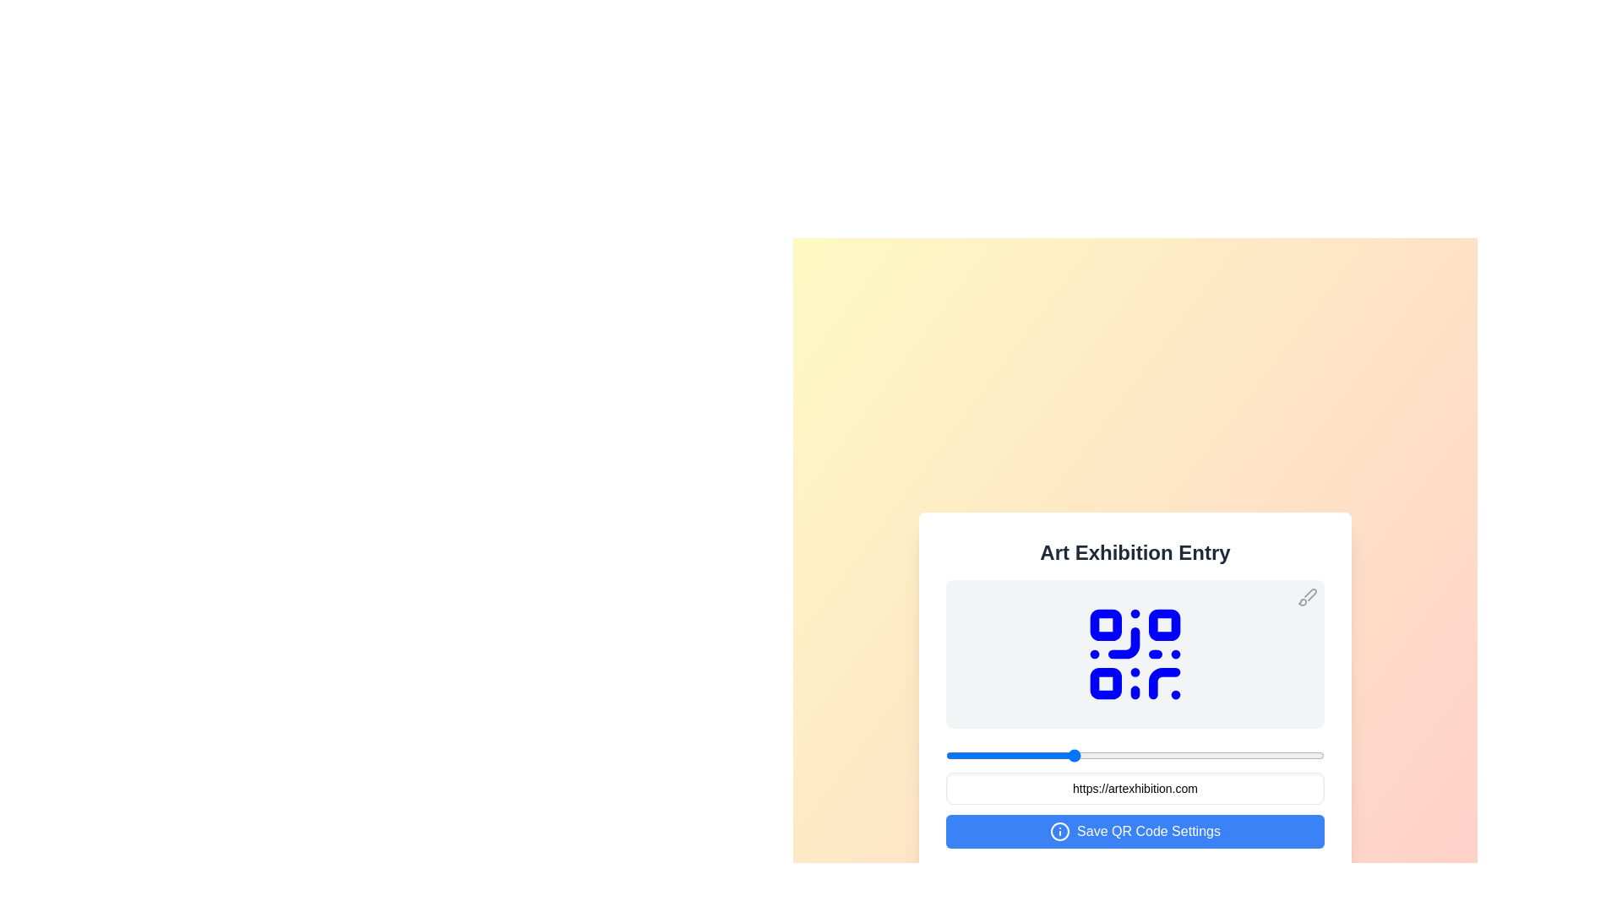  I want to click on the button located at the bottom of the interface that contains the icon on its far left side, which is intended for saving QR code settings, so click(1059, 830).